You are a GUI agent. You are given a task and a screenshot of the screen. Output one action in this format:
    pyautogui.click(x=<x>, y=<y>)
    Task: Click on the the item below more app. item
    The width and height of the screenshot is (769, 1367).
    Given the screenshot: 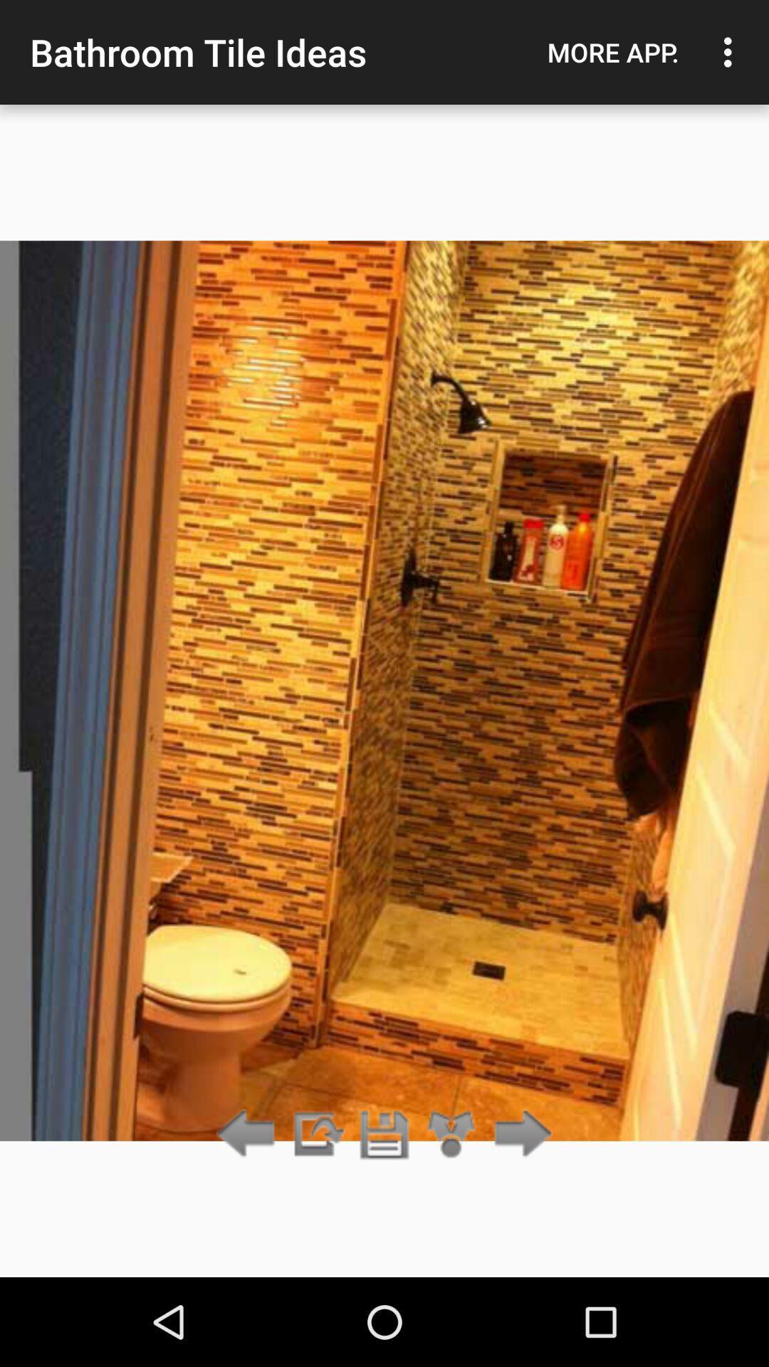 What is the action you would take?
    pyautogui.click(x=519, y=1134)
    